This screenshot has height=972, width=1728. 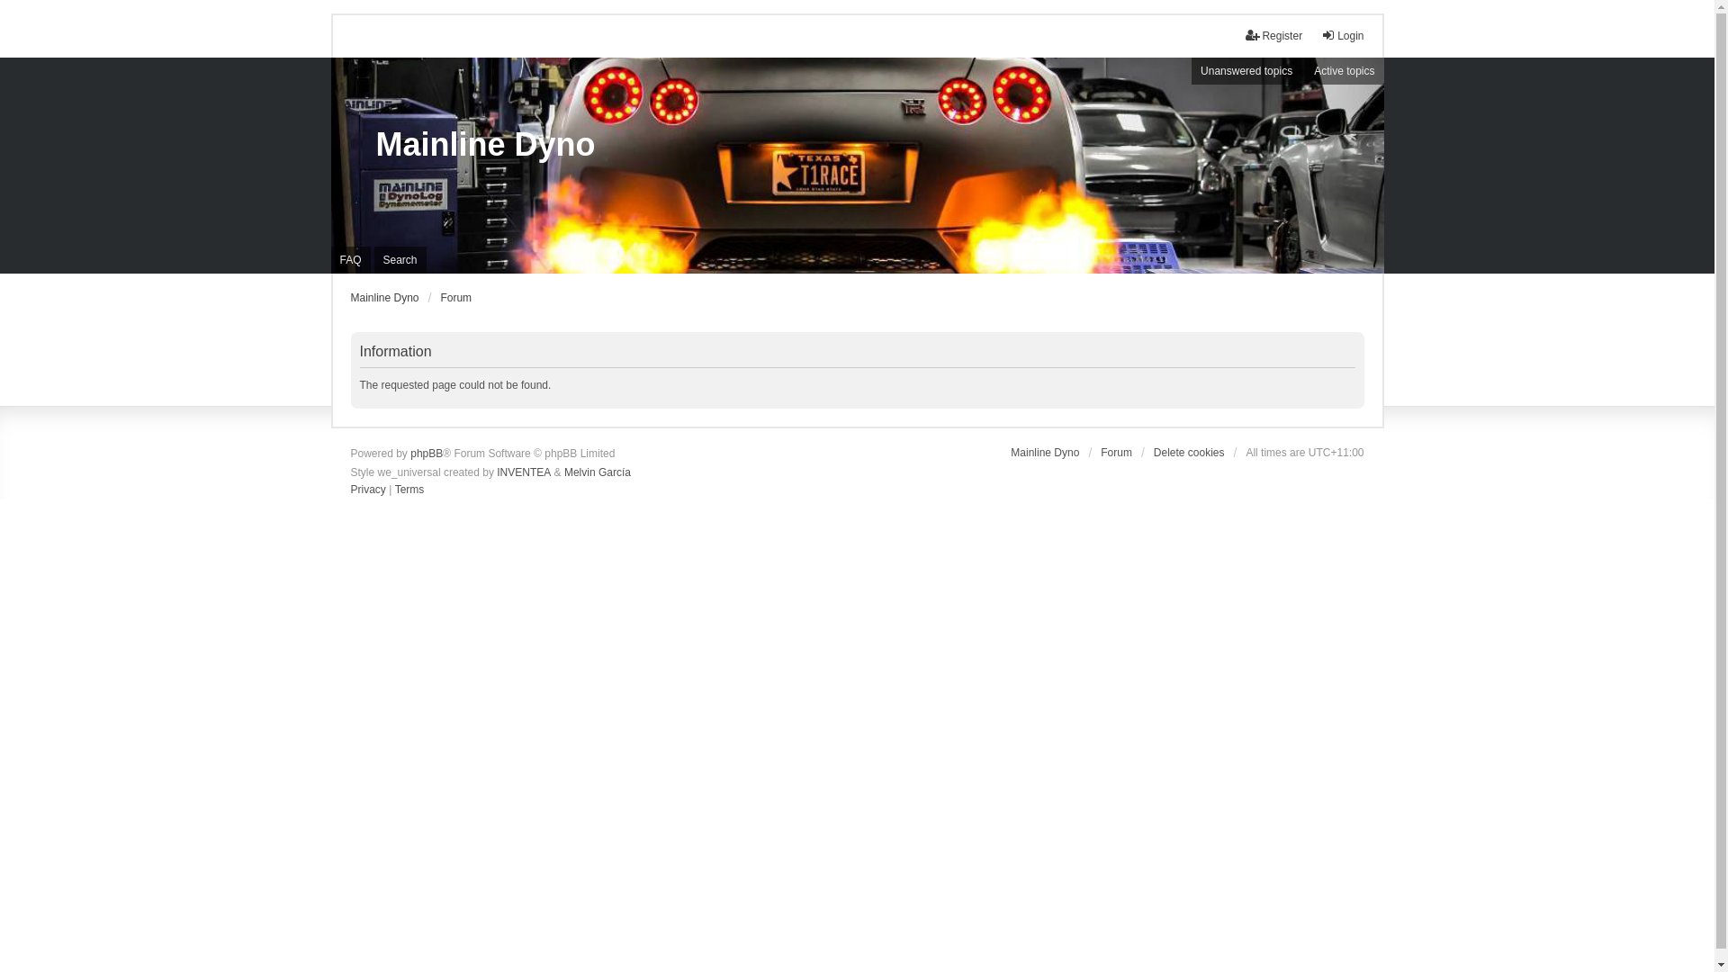 I want to click on 'INVENTEA', so click(x=522, y=471).